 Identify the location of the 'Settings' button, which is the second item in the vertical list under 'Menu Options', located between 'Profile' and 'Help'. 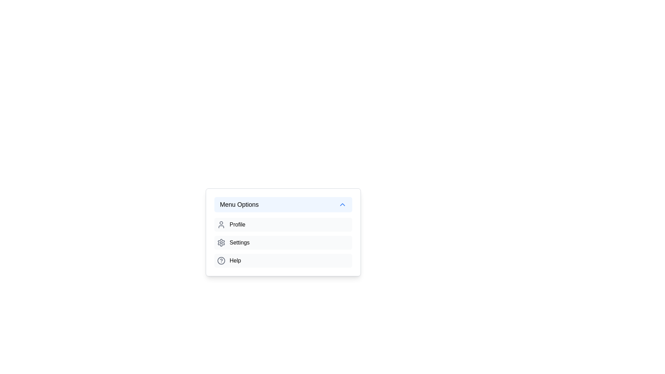
(283, 242).